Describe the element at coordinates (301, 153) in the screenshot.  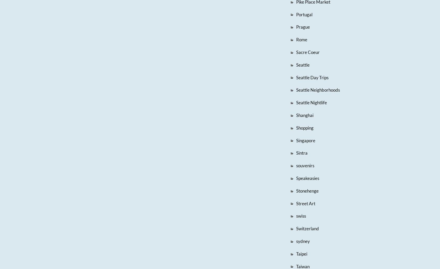
I see `'Sintra'` at that location.